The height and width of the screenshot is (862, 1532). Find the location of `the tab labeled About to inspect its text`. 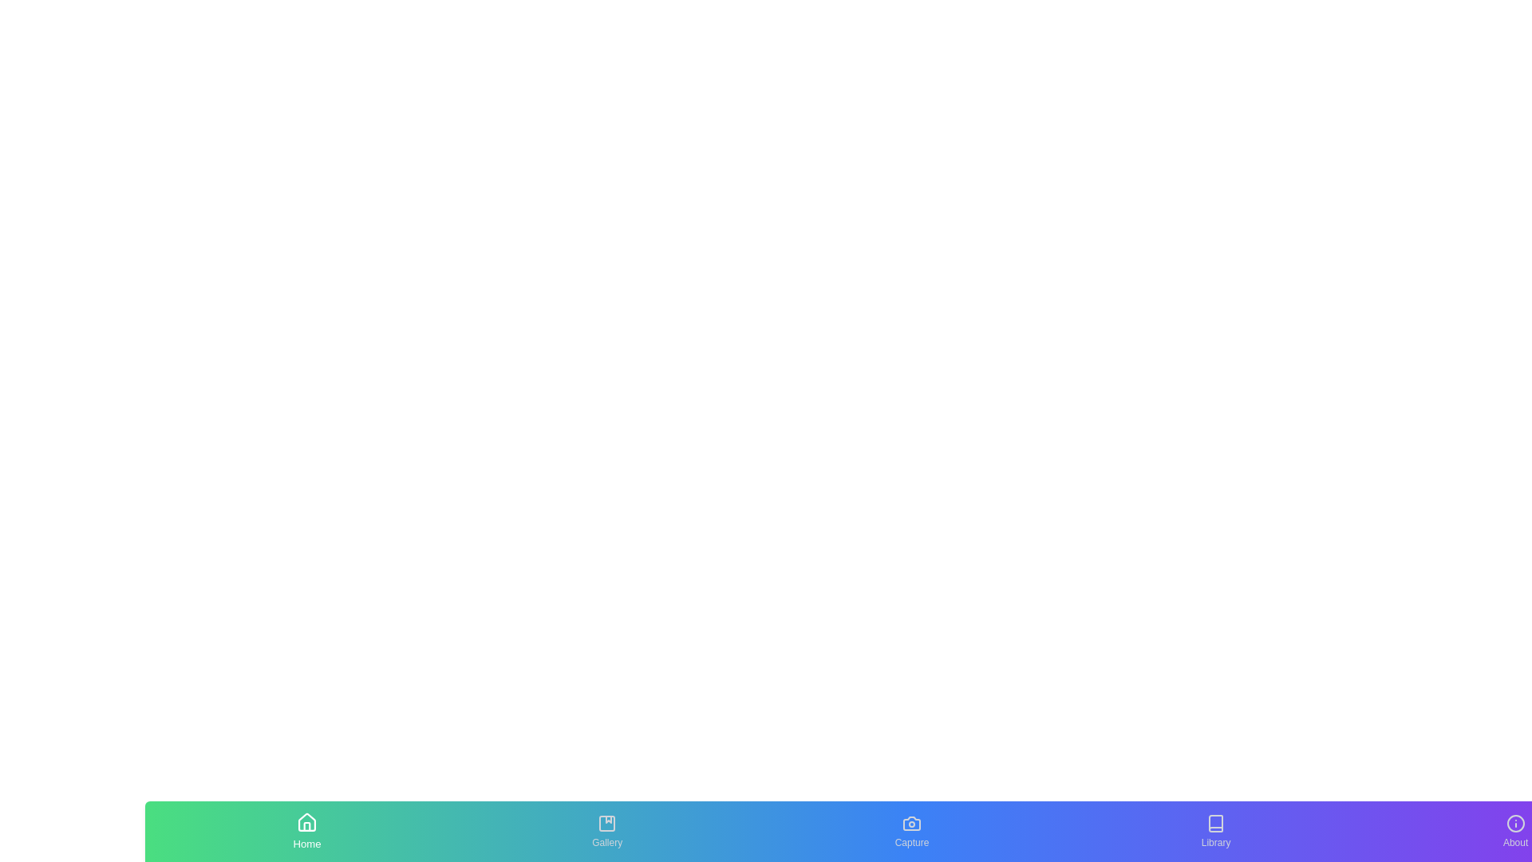

the tab labeled About to inspect its text is located at coordinates (1514, 830).